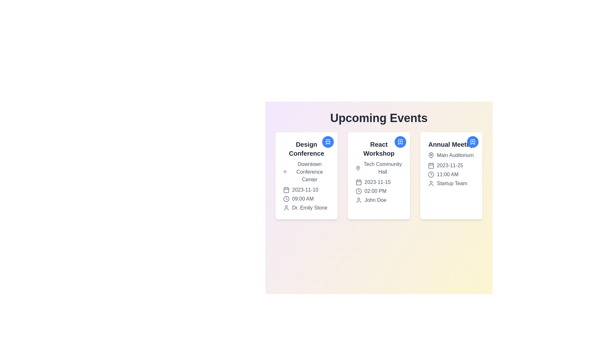  Describe the element at coordinates (306, 208) in the screenshot. I see `the text element displaying 'Dr. Emily Stone' with a person icon to its left, located at the bottom of the 'Design Conference' card, if interactive features are added` at that location.